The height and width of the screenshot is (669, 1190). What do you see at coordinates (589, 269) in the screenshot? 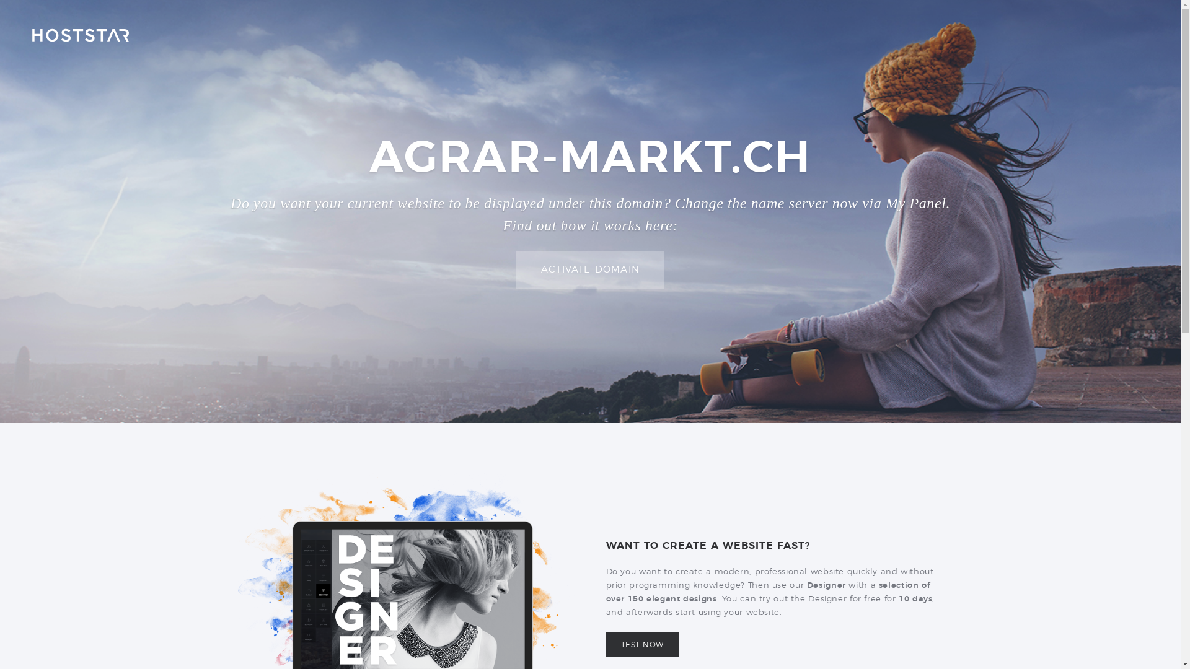
I see `'ACTIVATE DOMAIN'` at bounding box center [589, 269].